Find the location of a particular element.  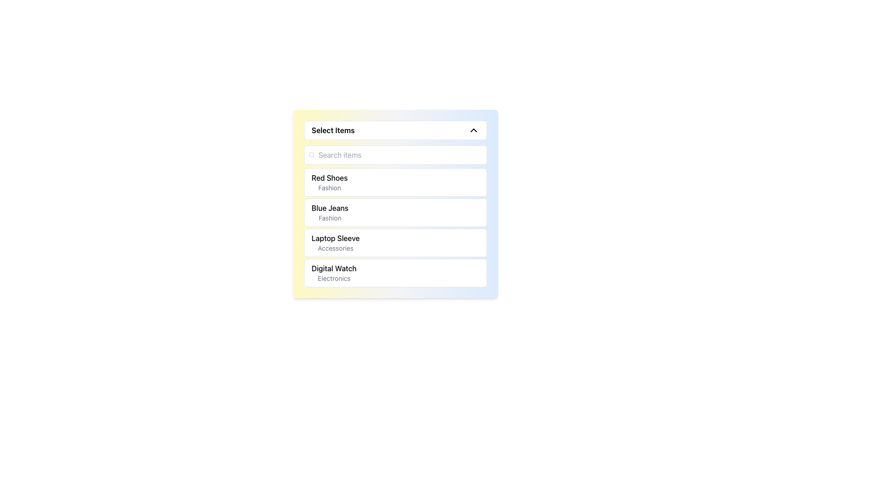

text label located beneath the 'Laptop Sleeve' item in the 'Select Items' dropdown panel, which serves to categorize or describe the main item above it is located at coordinates (335, 248).